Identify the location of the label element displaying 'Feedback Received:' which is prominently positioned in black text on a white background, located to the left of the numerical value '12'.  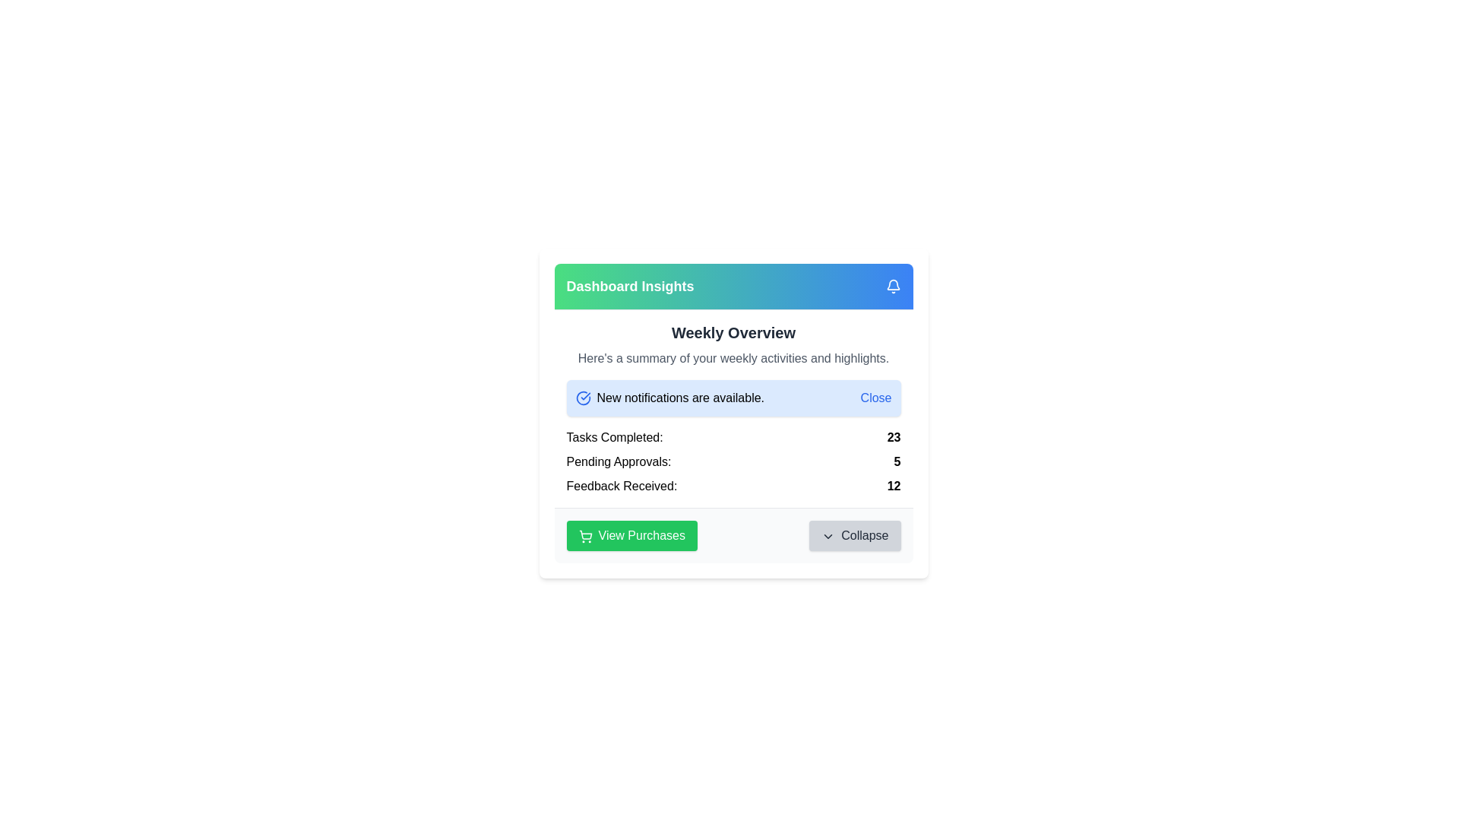
(622, 487).